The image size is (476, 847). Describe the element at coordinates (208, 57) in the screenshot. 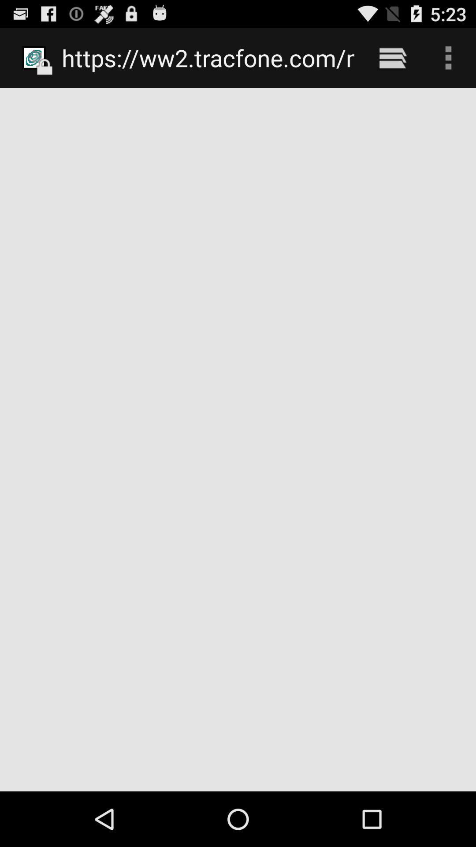

I see `the item at the top` at that location.